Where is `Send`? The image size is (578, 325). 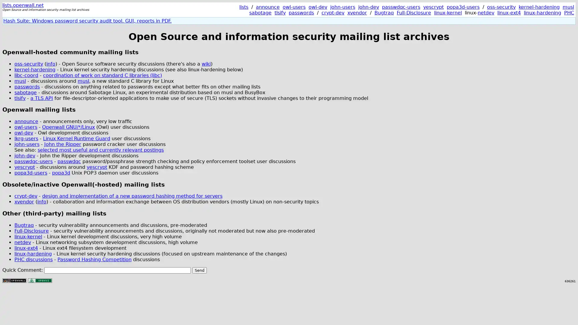 Send is located at coordinates (199, 270).